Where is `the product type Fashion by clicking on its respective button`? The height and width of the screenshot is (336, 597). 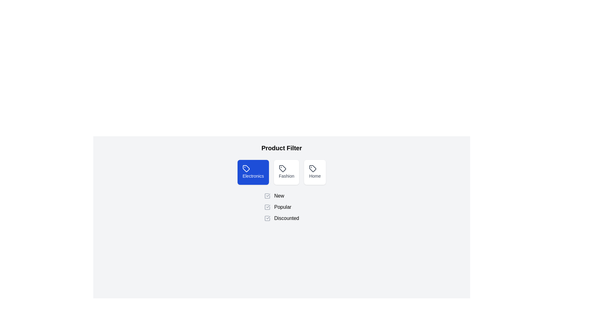 the product type Fashion by clicking on its respective button is located at coordinates (286, 172).